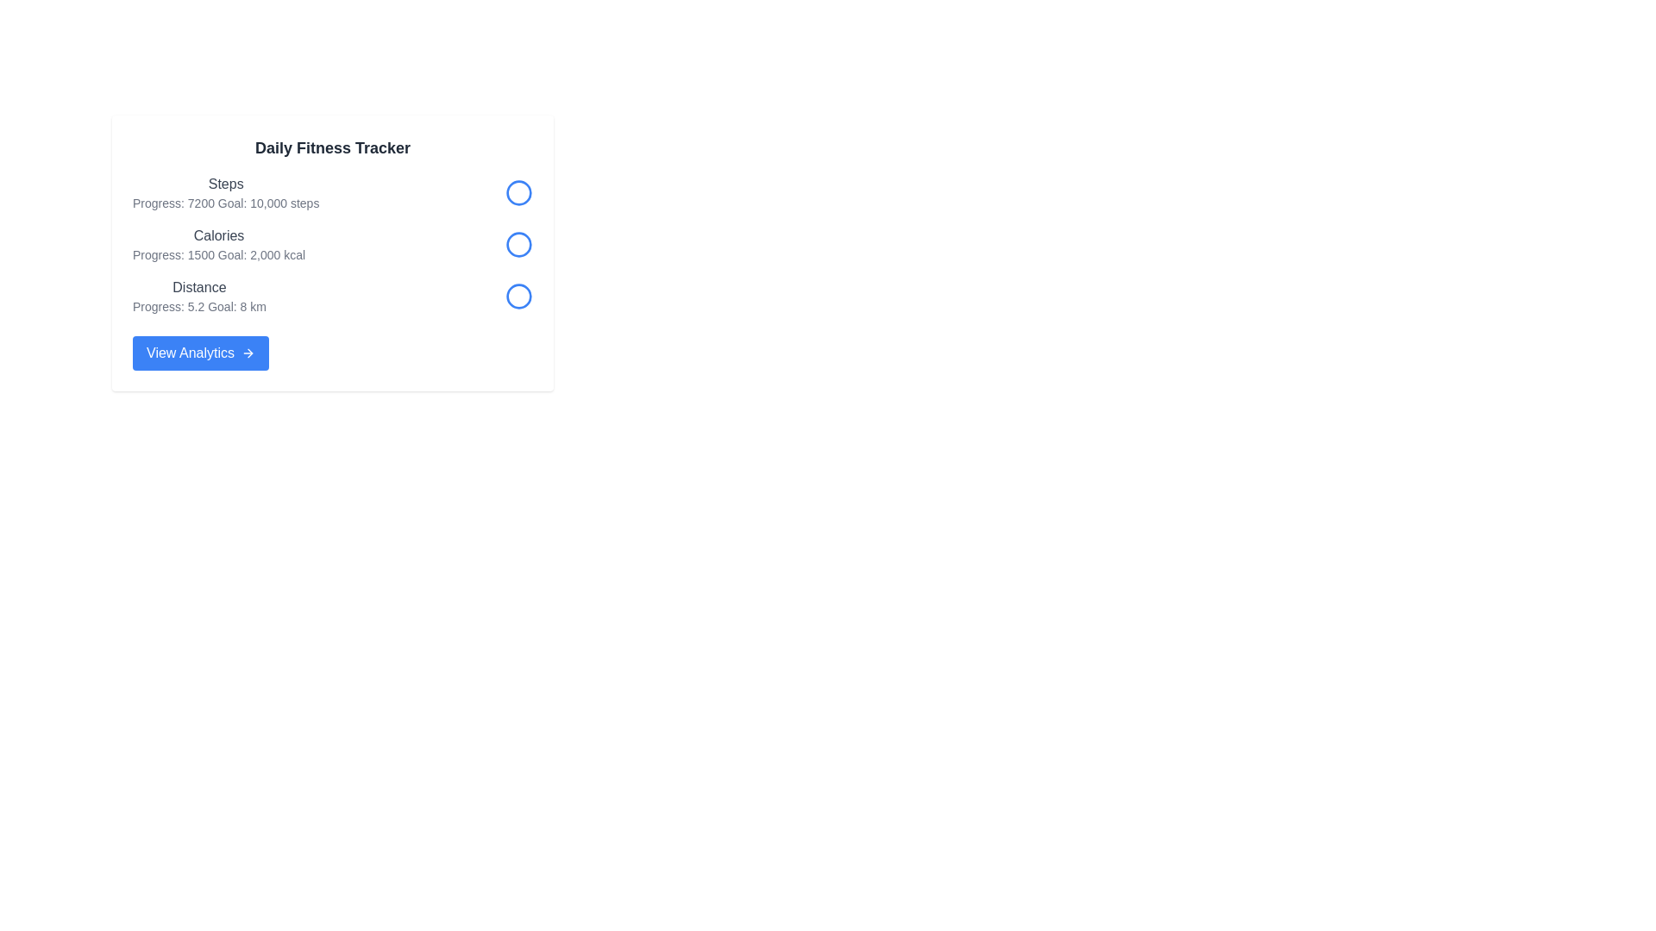 The height and width of the screenshot is (931, 1656). Describe the element at coordinates (332, 245) in the screenshot. I see `information displayed in the 'Calories' TextBlockWithIcon, which shows 'Progress: 1500 Goal: 2,000 kcal'` at that location.